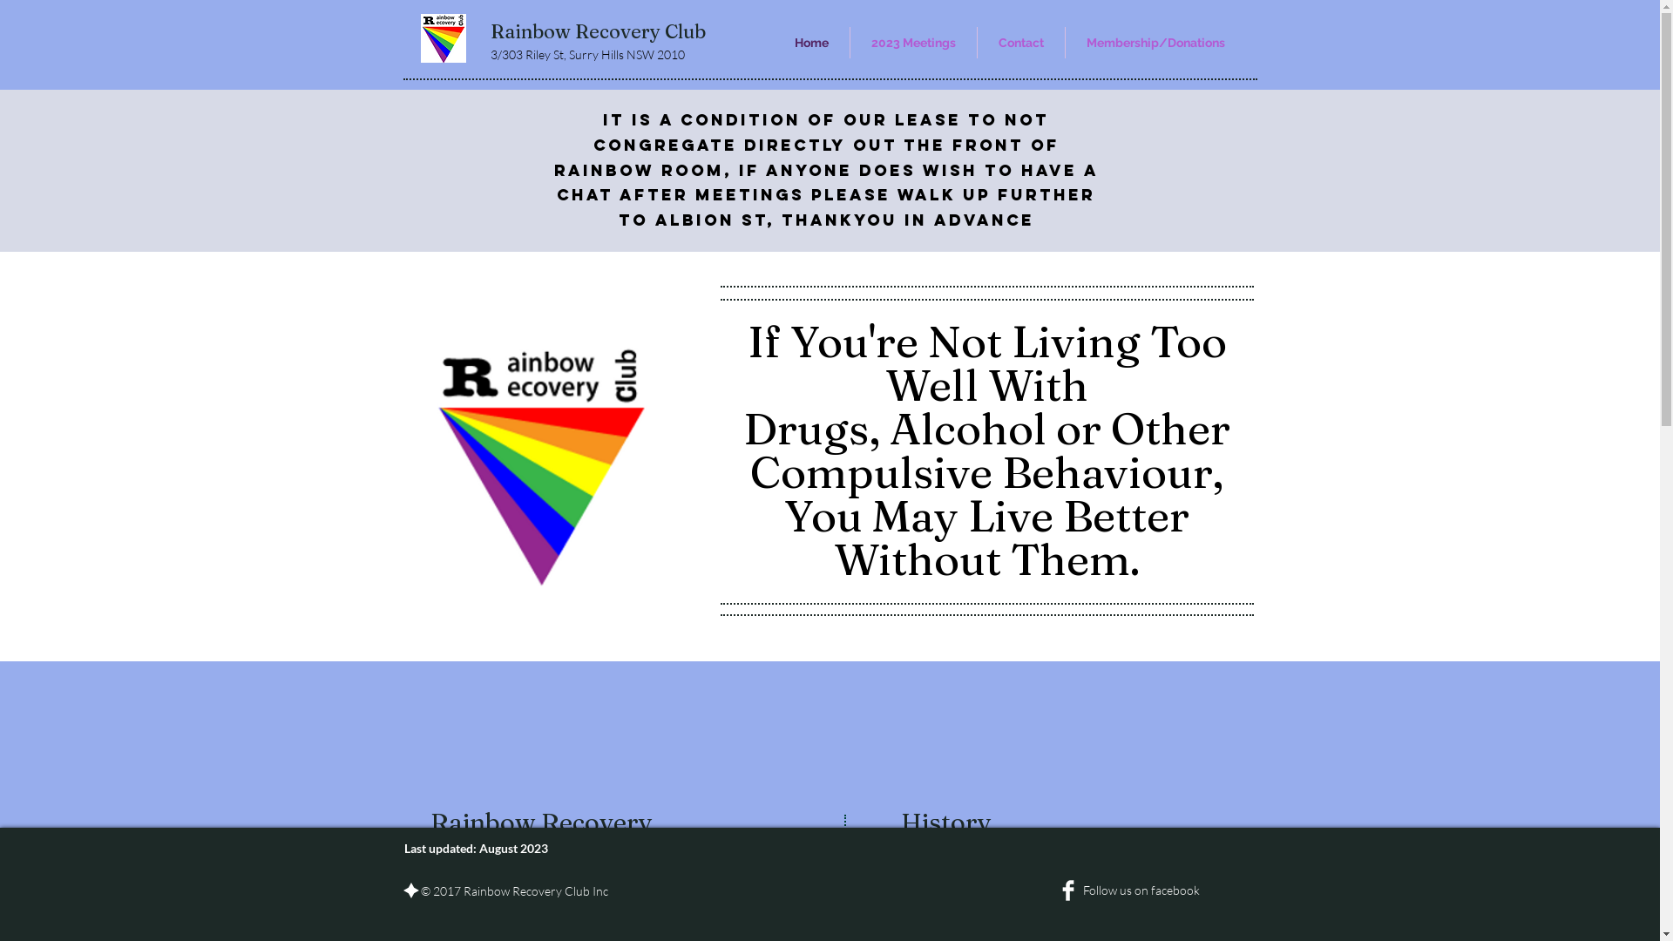  What do you see at coordinates (443, 37) in the screenshot?
I see `'Rainbow Recovery Club Logo.png'` at bounding box center [443, 37].